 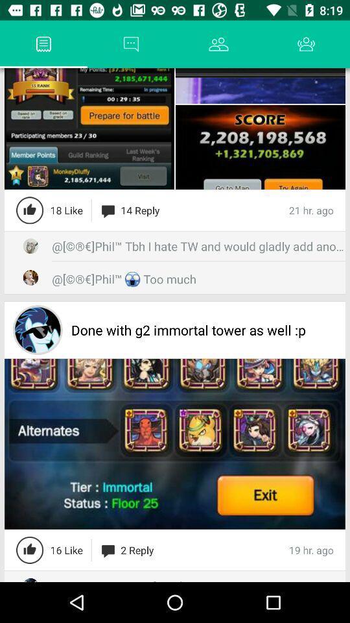 I want to click on app to the left of the forum icon, so click(x=23, y=44).